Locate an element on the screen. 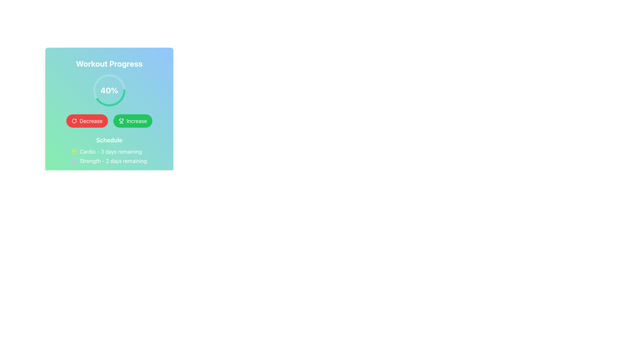 The height and width of the screenshot is (360, 640). the 'Strength' informational display element located under the 'Schedule' section, immediately below 'Cardio - 3 days remaining' is located at coordinates (109, 161).